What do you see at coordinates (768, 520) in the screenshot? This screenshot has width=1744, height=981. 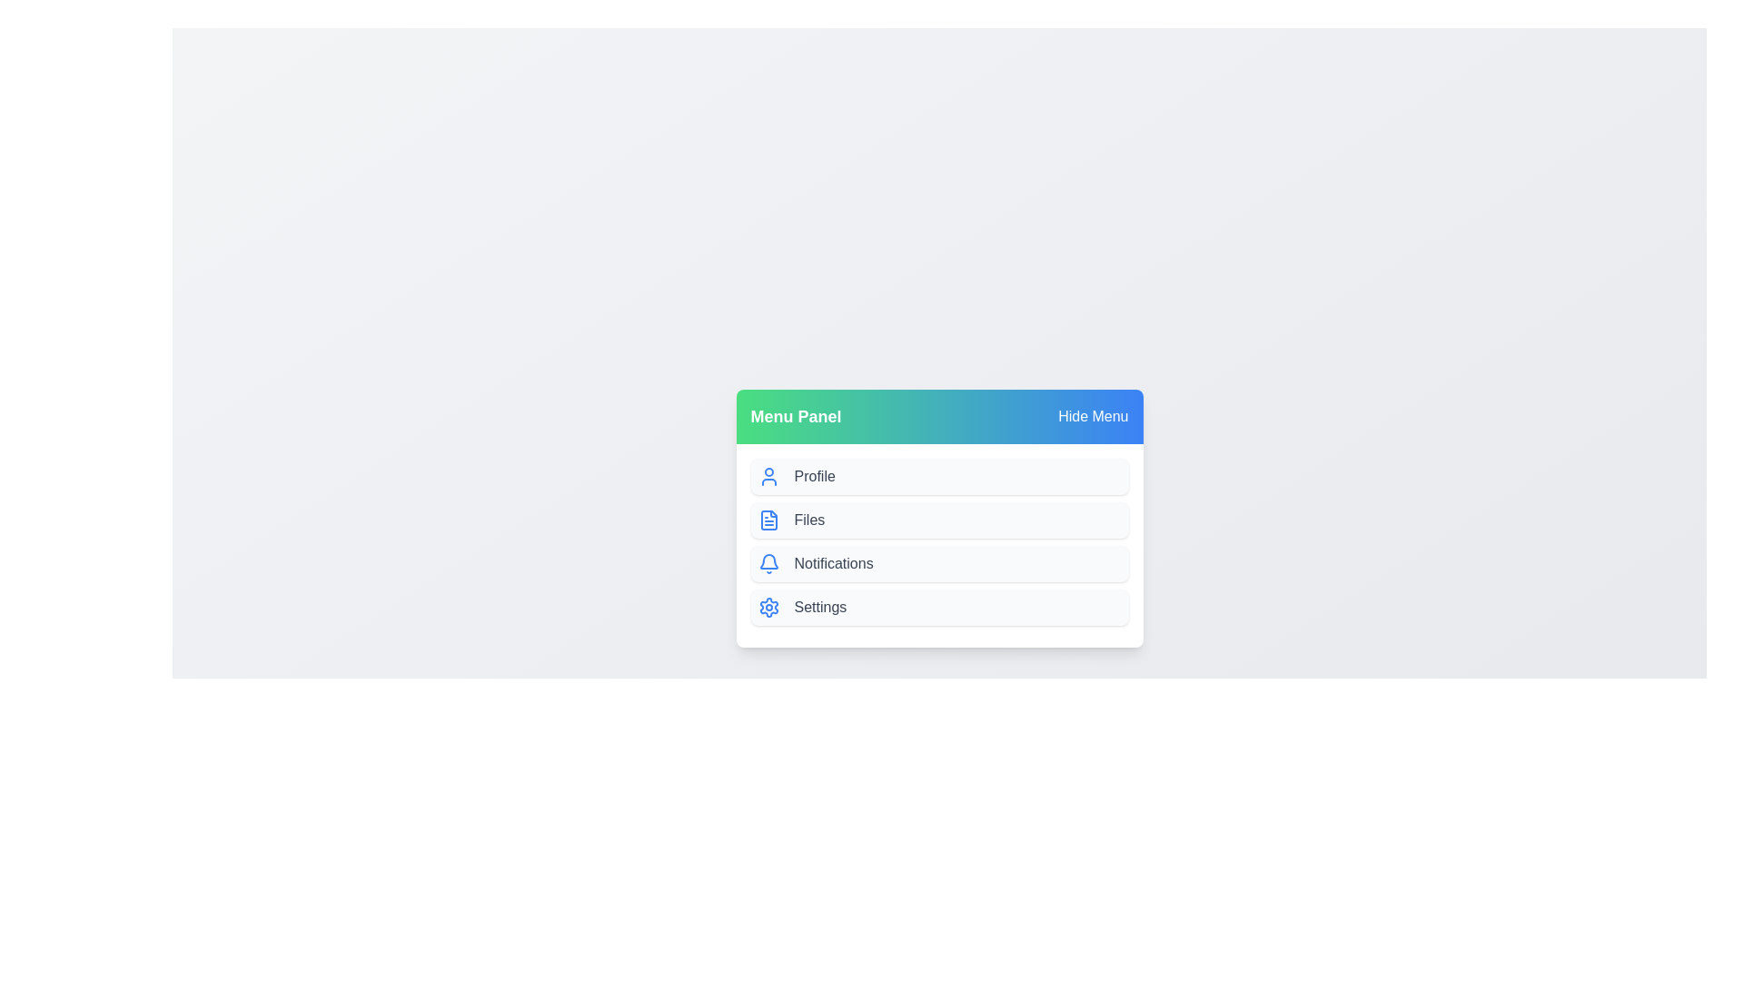 I see `the icon next to the menu item Files` at bounding box center [768, 520].